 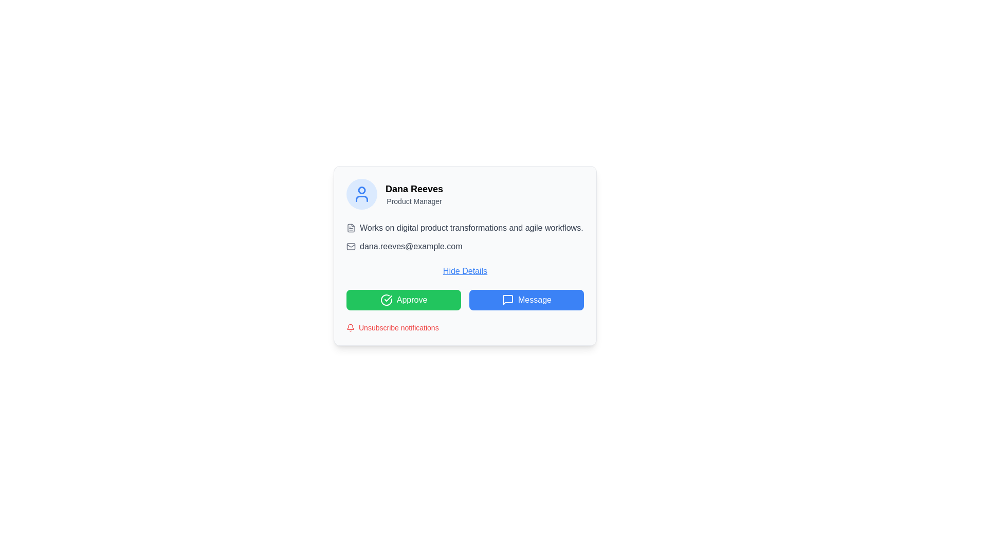 I want to click on the 'Approve' button located at the bottom of the card layout, so click(x=465, y=300).